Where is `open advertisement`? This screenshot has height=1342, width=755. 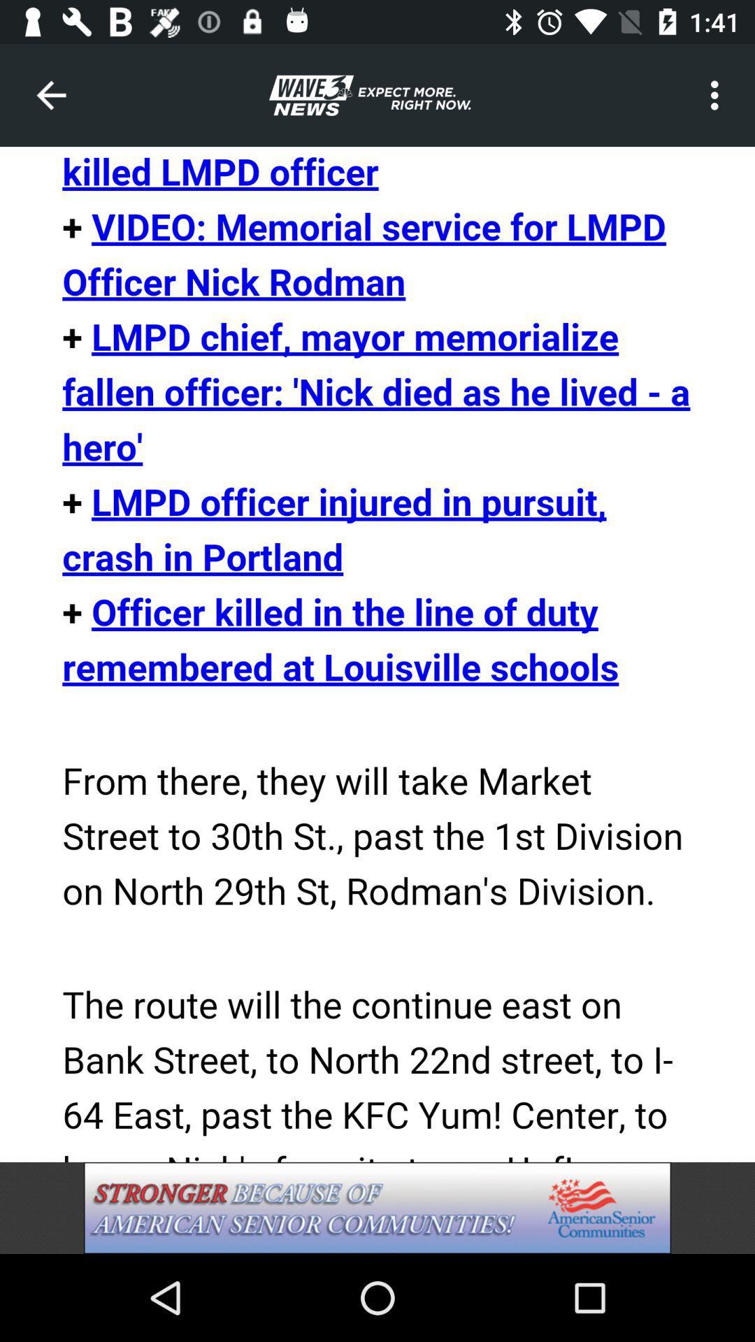
open advertisement is located at coordinates (377, 1207).